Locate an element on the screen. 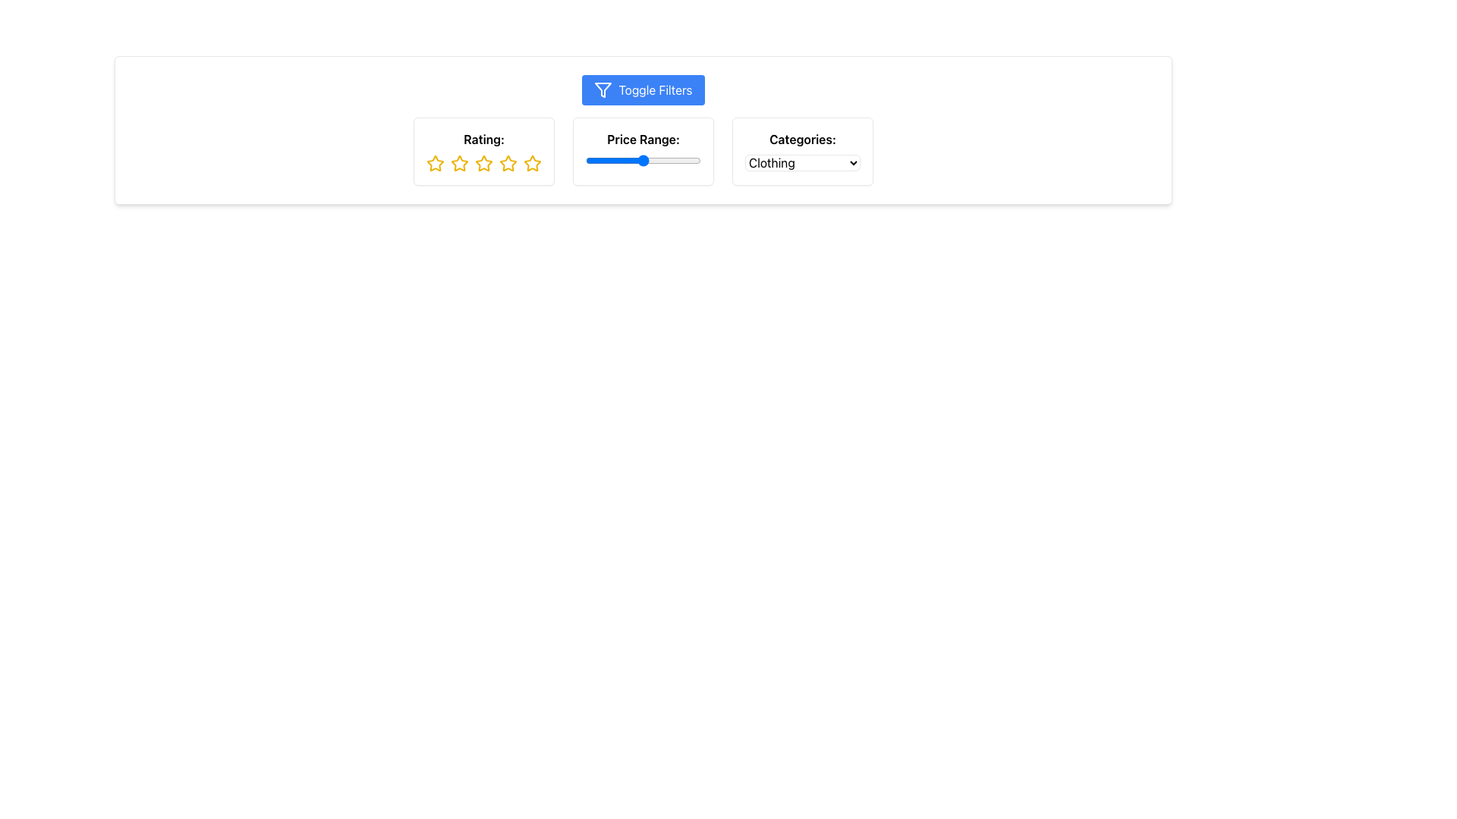  the text label that reads 'Categories:' which is positioned in the top-right corner of the interface and serves as a descriptor for the dropdown menu below it is located at coordinates (801, 140).